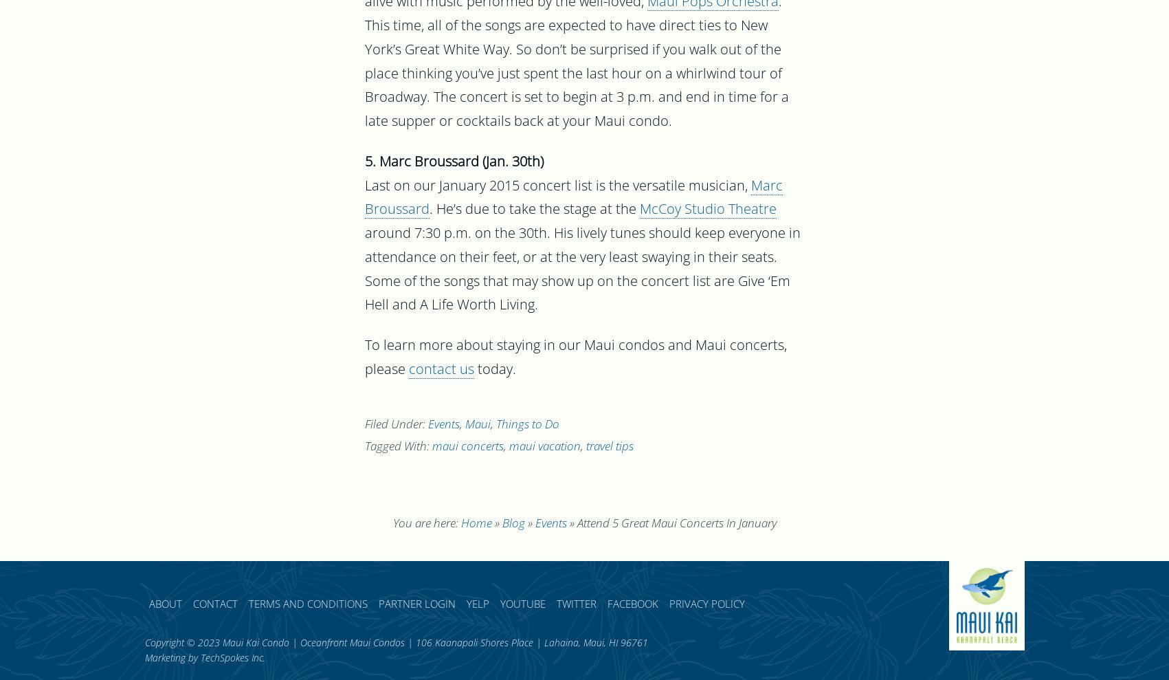 Image resolution: width=1169 pixels, height=680 pixels. What do you see at coordinates (499, 605) in the screenshot?
I see `'YouTube'` at bounding box center [499, 605].